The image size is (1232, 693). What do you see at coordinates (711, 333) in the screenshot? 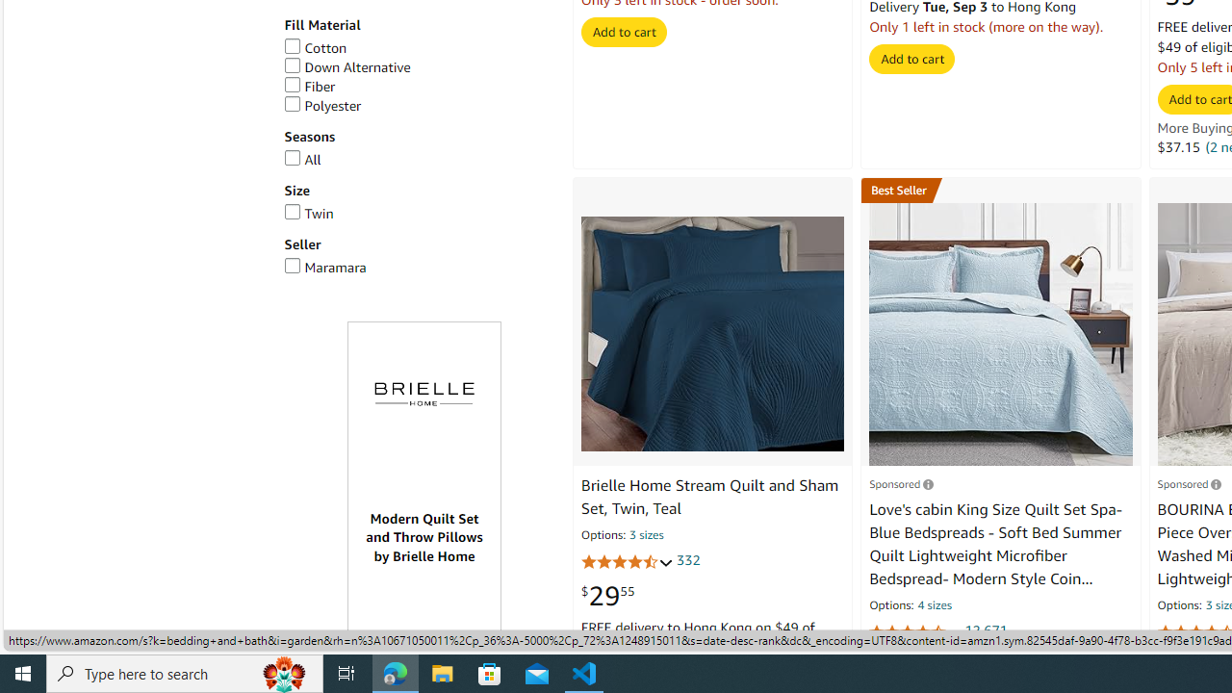
I see `'Brielle Home Stream Quilt and Sham Set, Twin, Teal'` at bounding box center [711, 333].